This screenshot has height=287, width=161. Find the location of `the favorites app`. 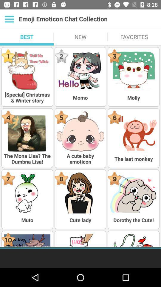

the favorites app is located at coordinates (134, 36).